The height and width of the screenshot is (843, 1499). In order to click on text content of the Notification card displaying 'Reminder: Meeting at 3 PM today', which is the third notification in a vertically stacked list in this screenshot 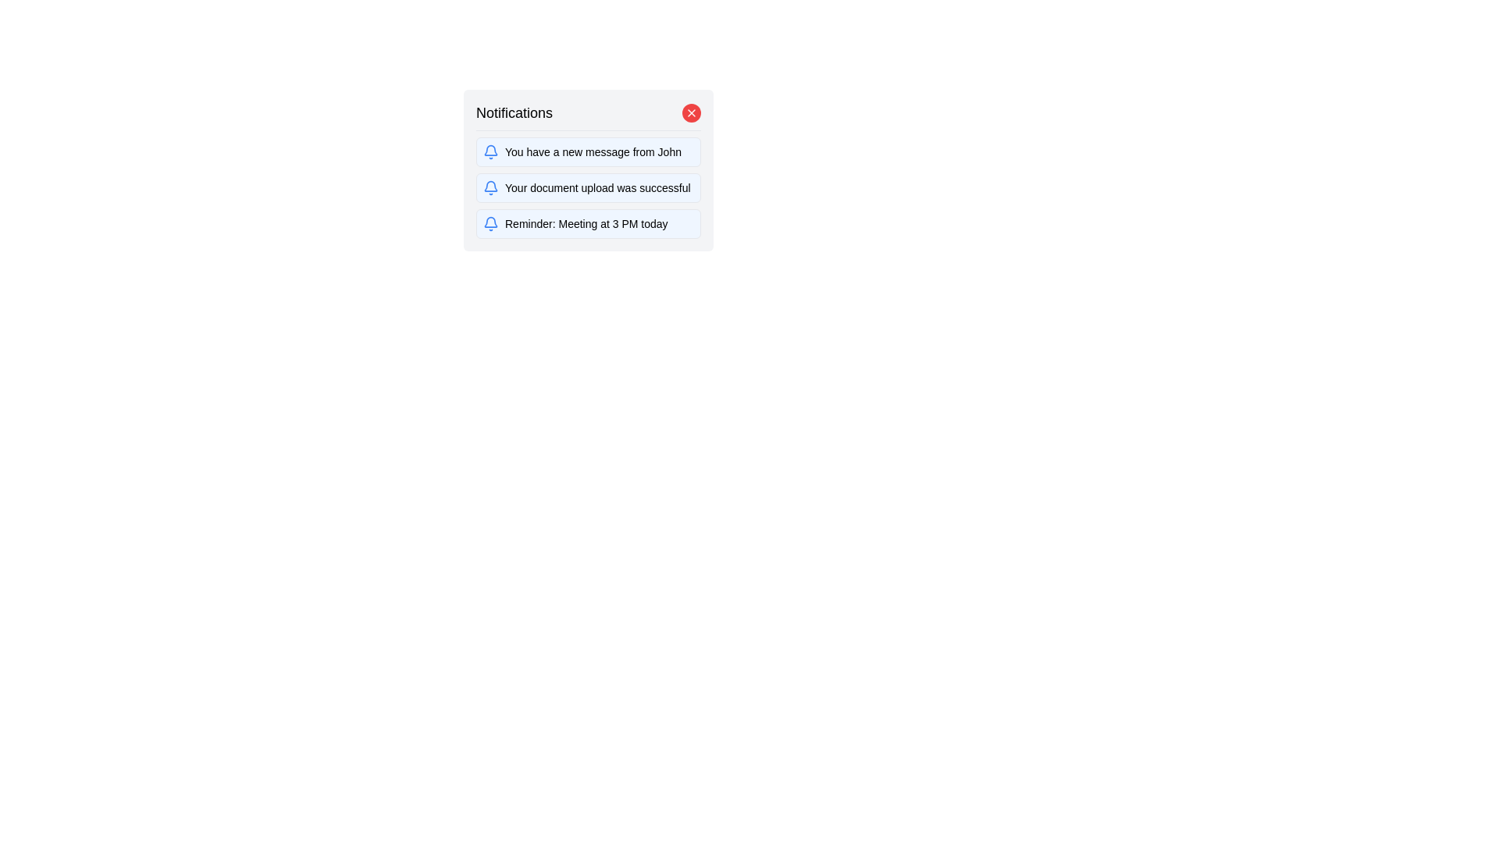, I will do `click(587, 223)`.